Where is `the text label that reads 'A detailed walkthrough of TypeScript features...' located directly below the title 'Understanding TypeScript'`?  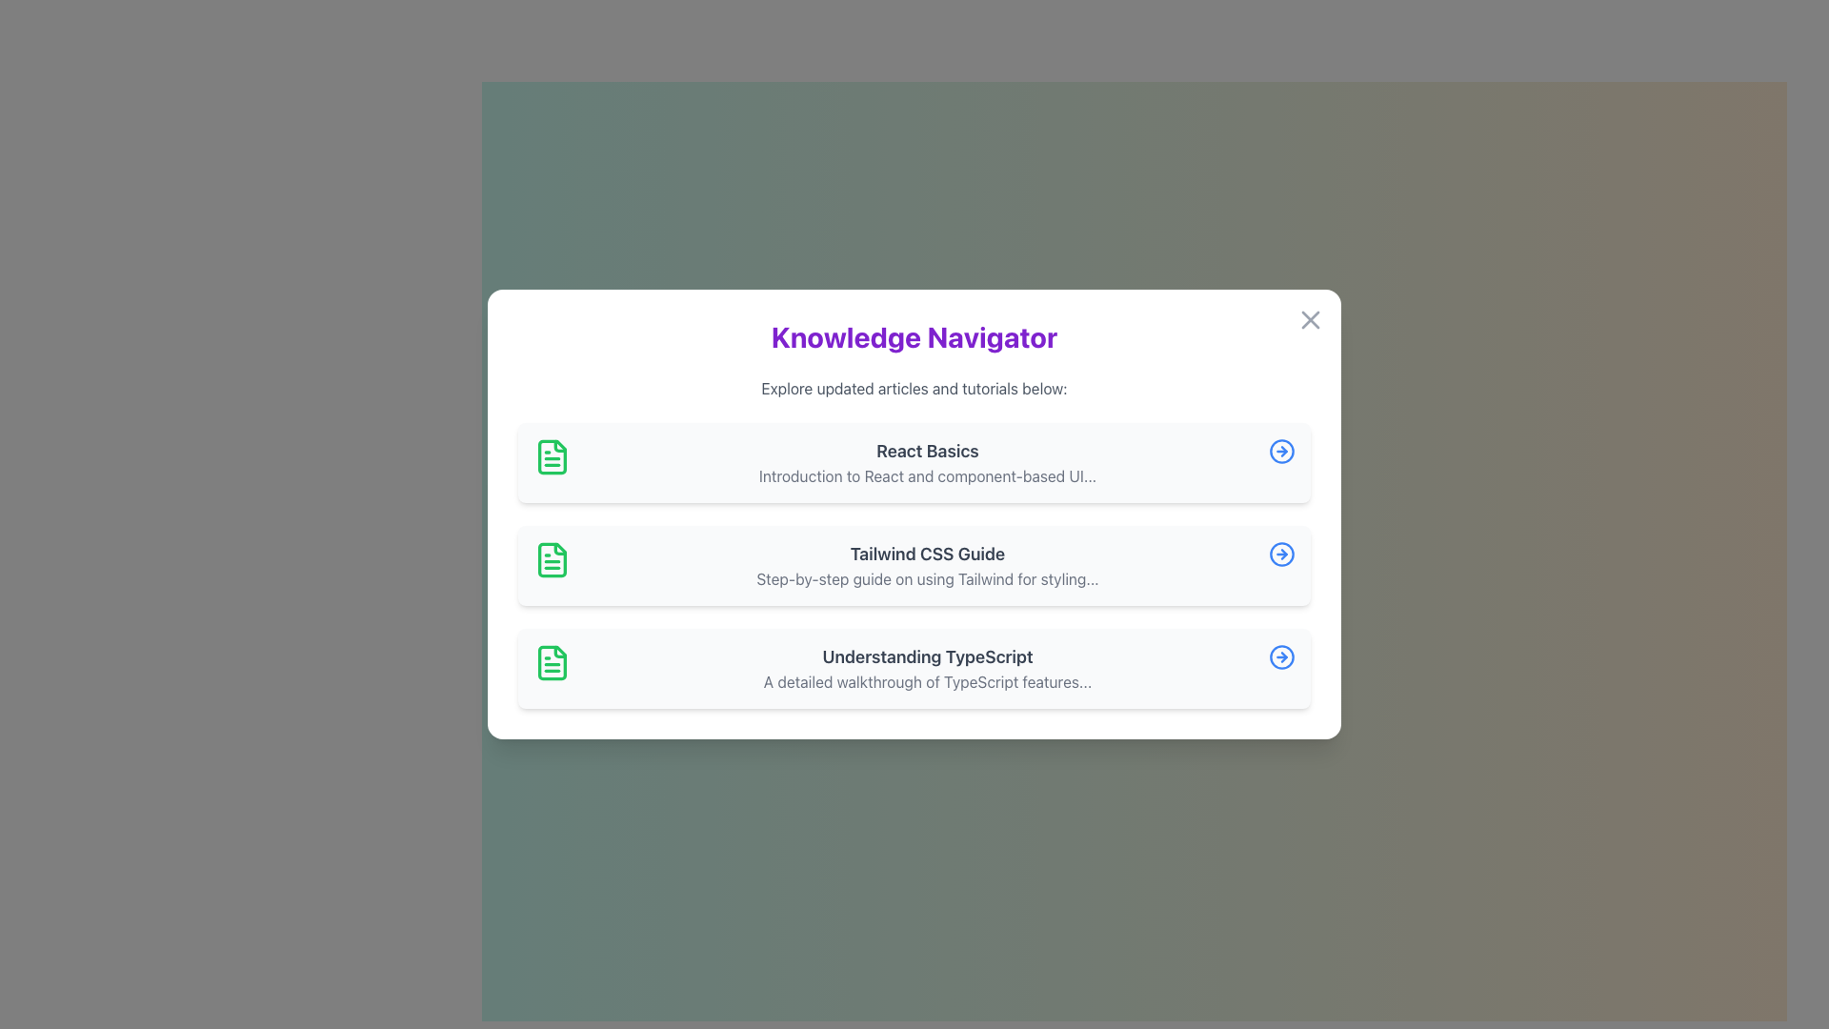
the text label that reads 'A detailed walkthrough of TypeScript features...' located directly below the title 'Understanding TypeScript' is located at coordinates (928, 681).